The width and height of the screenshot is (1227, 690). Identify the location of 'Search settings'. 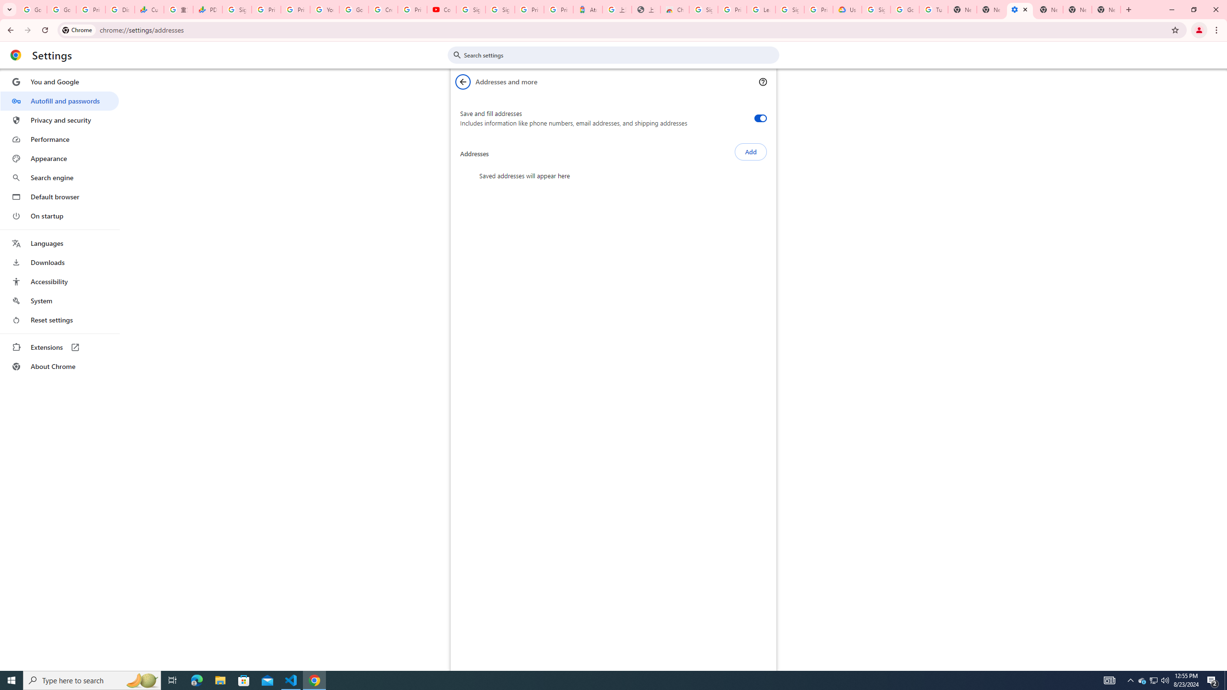
(620, 55).